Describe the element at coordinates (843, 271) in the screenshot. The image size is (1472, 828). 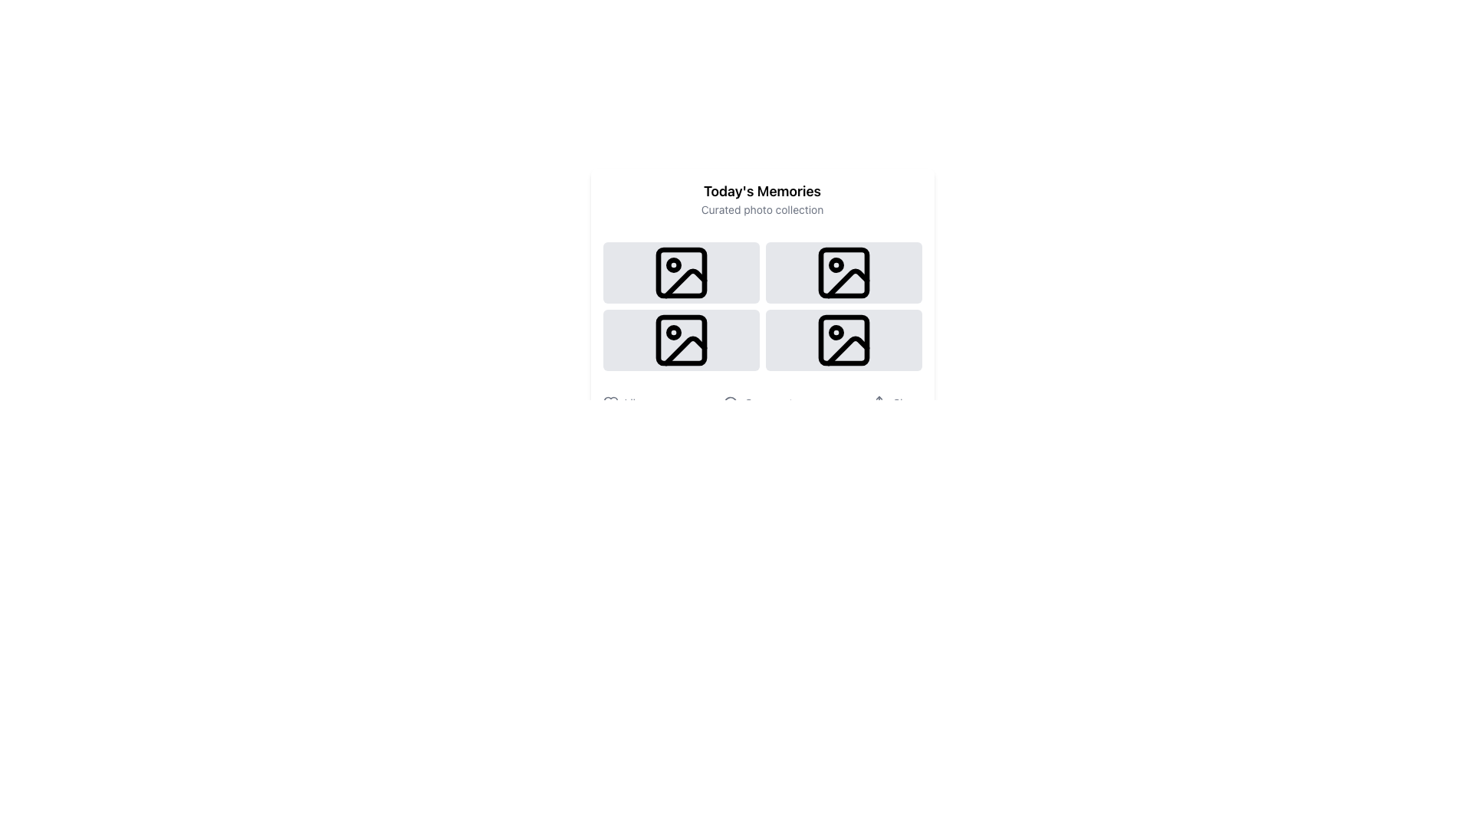
I see `the second image placeholder in the grid layout, positioned towards the top center-right of the interface` at that location.